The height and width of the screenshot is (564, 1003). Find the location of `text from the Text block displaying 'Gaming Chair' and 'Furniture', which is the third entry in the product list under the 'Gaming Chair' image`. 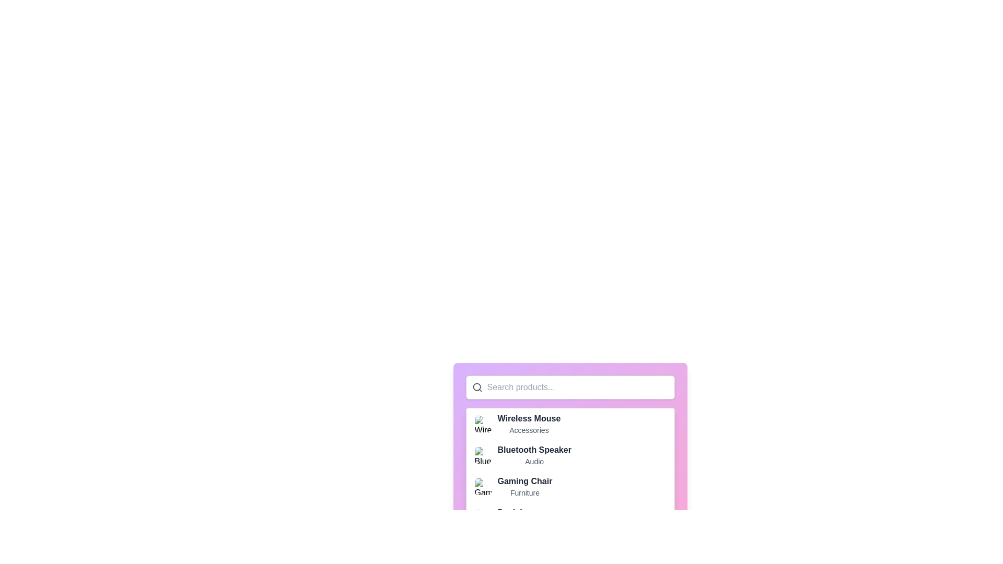

text from the Text block displaying 'Gaming Chair' and 'Furniture', which is the third entry in the product list under the 'Gaming Chair' image is located at coordinates (524, 487).